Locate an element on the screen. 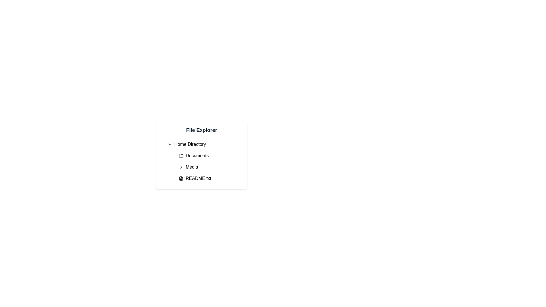 This screenshot has width=546, height=307. the 'README.txt' file item in the file explorer under the 'Media' directory is located at coordinates (209, 178).